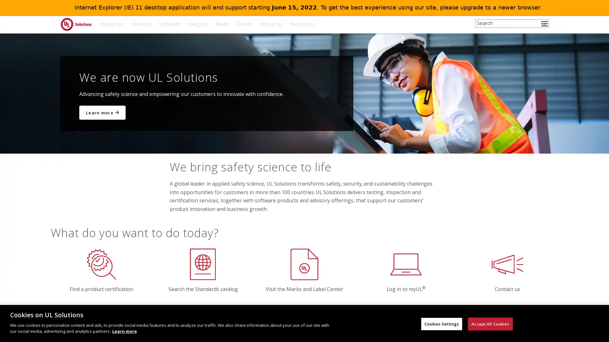 The height and width of the screenshot is (342, 609). I want to click on Search, so click(545, 28).